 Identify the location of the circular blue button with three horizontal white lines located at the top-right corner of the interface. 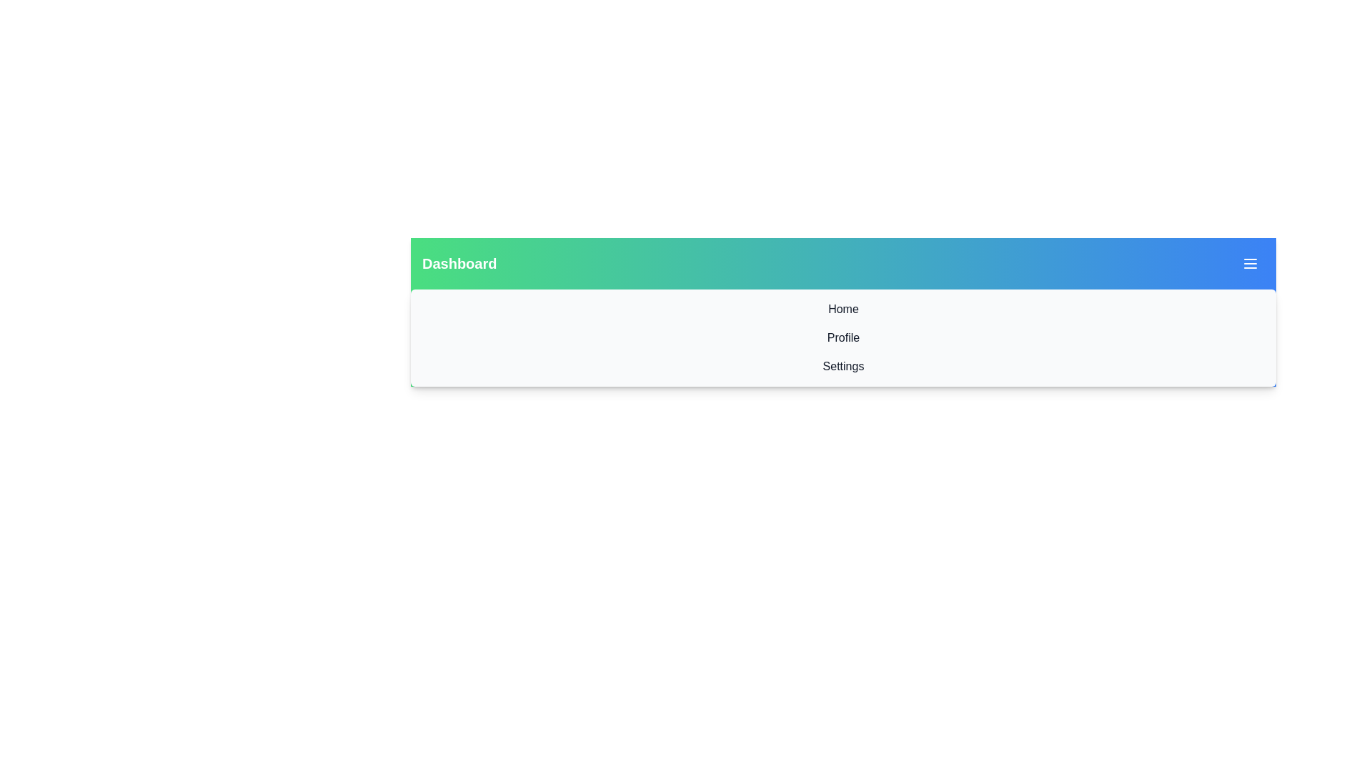
(1250, 264).